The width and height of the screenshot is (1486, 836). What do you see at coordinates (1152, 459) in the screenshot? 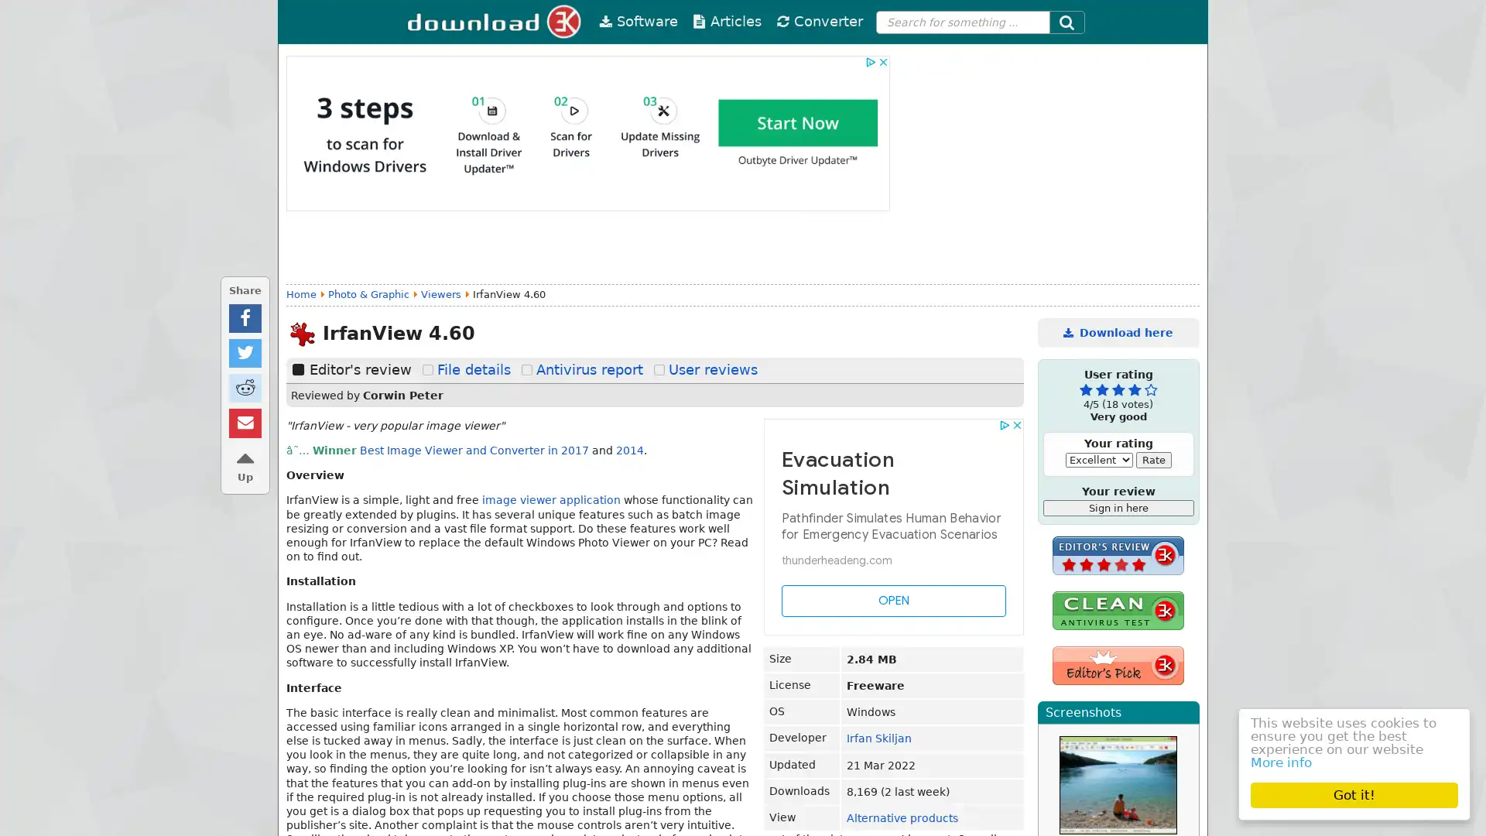
I see `Rate` at bounding box center [1152, 459].